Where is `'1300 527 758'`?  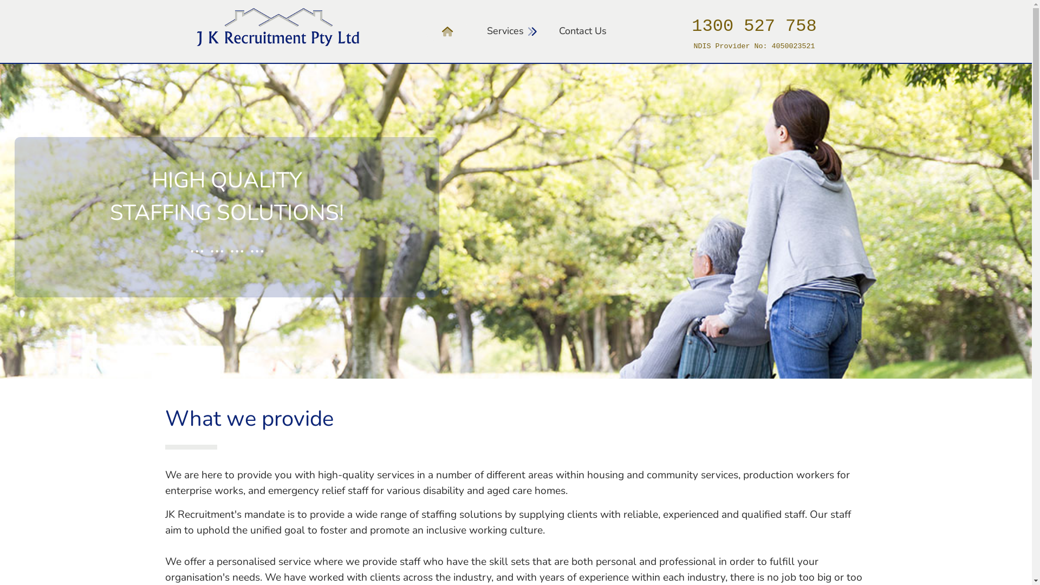 '1300 527 758' is located at coordinates (691, 28).